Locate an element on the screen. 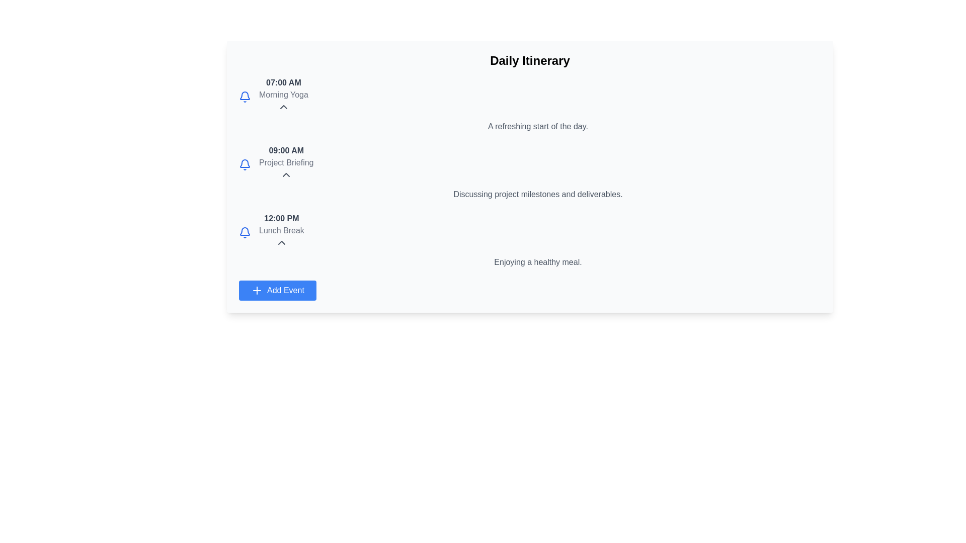 The image size is (966, 543). the 'Lunch Break' text label, which is displayed in a lighter gray color, positioned below the '12:00 PM' time label in the event entry list is located at coordinates (281, 231).